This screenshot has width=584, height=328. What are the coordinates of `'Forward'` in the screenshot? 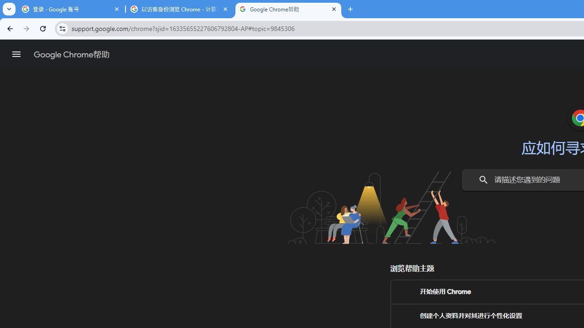 It's located at (26, 28).